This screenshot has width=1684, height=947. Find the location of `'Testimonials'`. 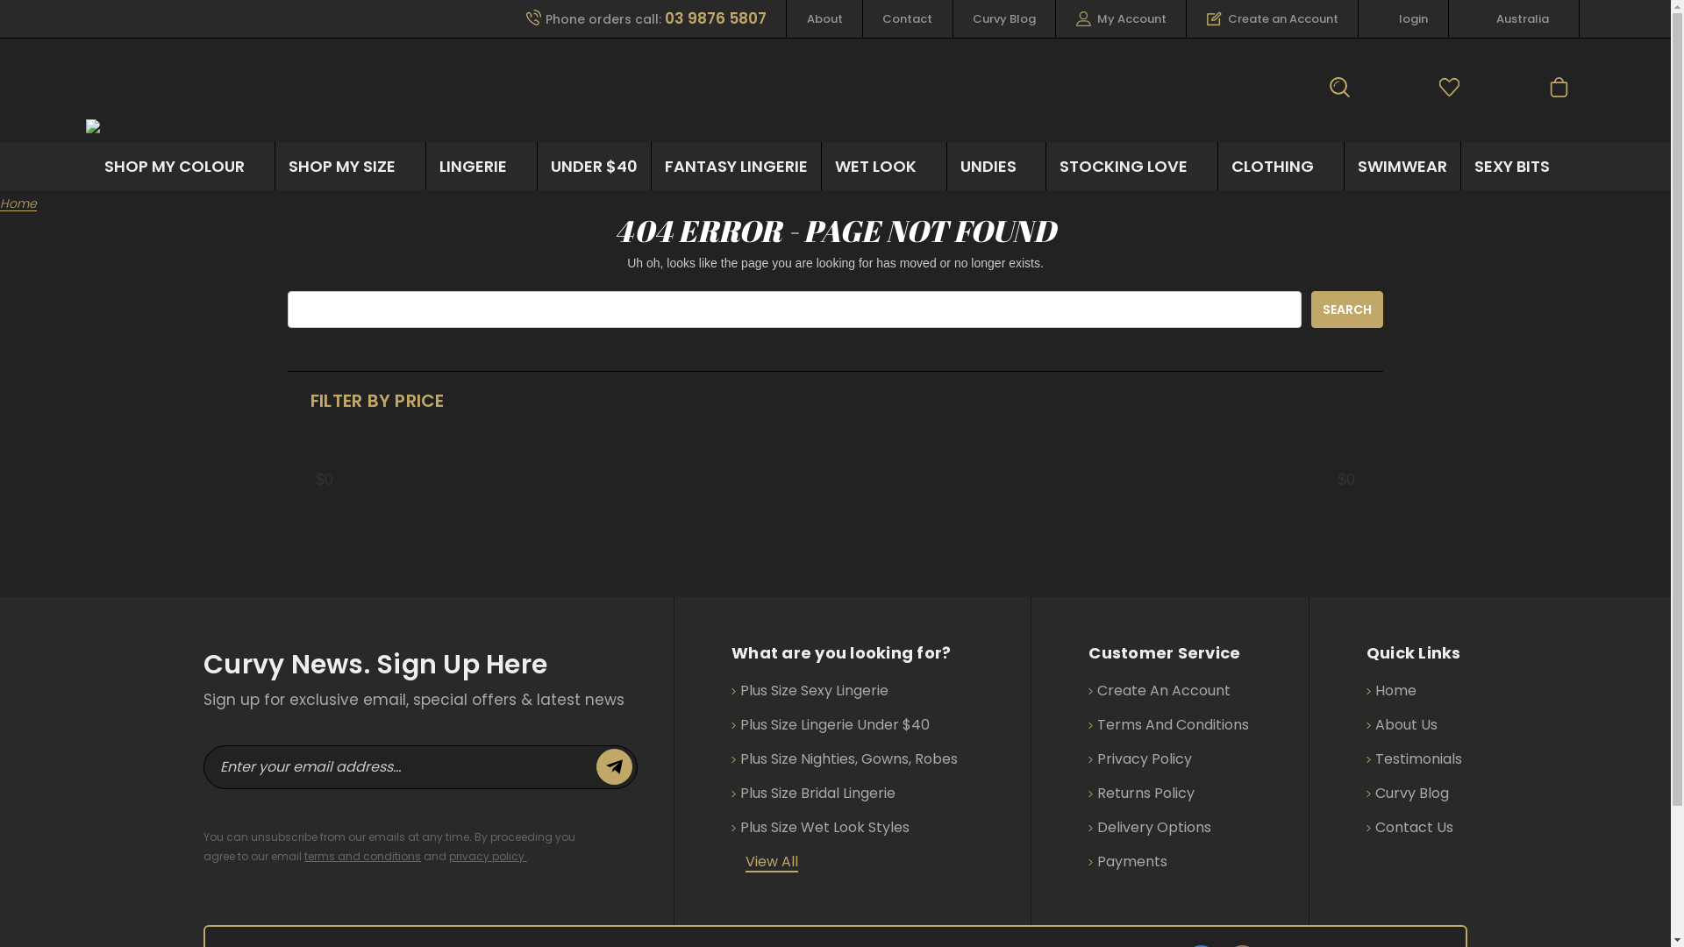

'Testimonials' is located at coordinates (1366, 758).